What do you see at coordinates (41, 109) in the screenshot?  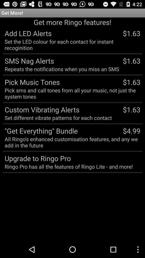 I see `the app next to the $1.63 app` at bounding box center [41, 109].